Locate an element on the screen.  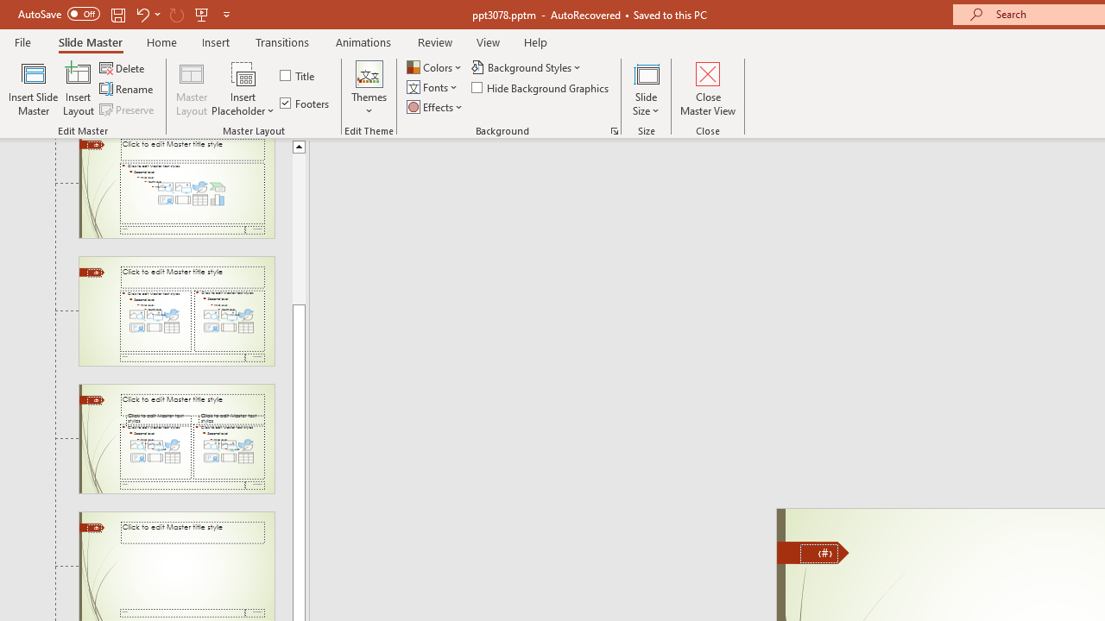
'Content' is located at coordinates (243, 72).